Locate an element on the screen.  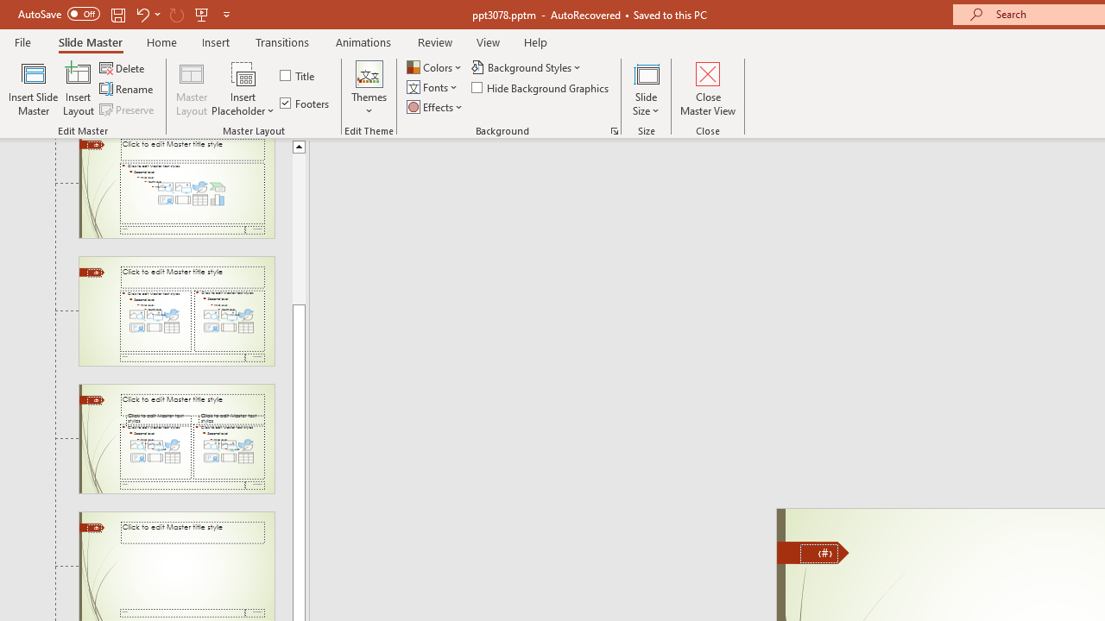
'Content' is located at coordinates (243, 72).